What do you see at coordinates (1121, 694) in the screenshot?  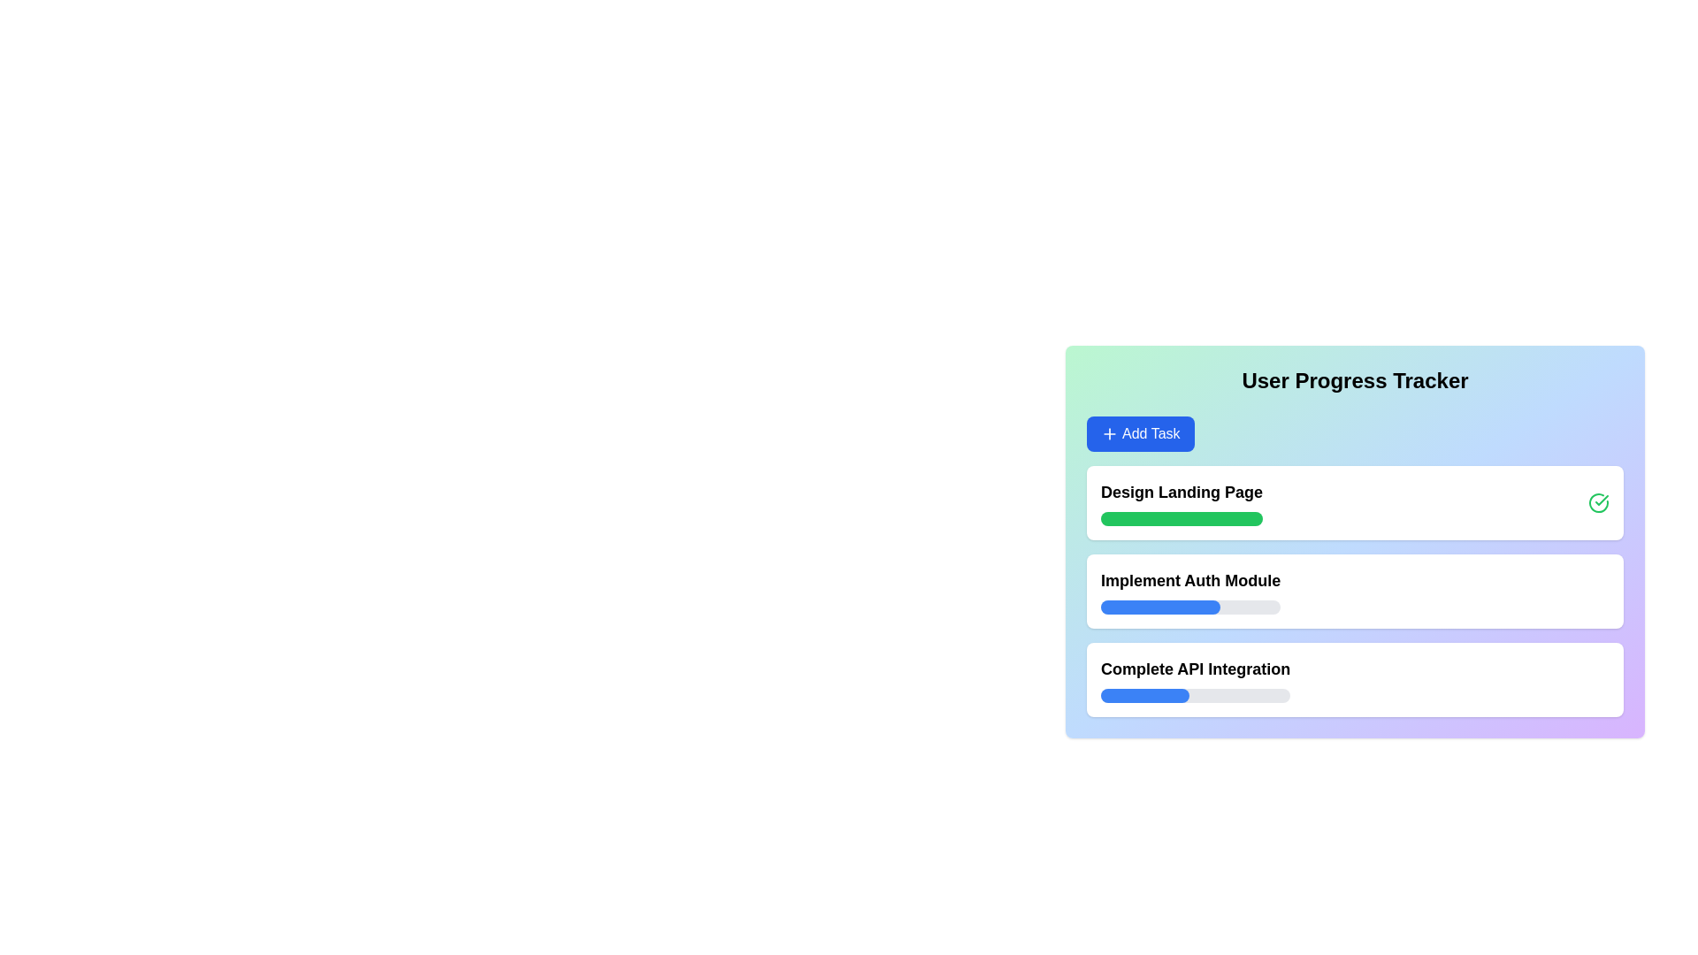 I see `the progress bar completion` at bounding box center [1121, 694].